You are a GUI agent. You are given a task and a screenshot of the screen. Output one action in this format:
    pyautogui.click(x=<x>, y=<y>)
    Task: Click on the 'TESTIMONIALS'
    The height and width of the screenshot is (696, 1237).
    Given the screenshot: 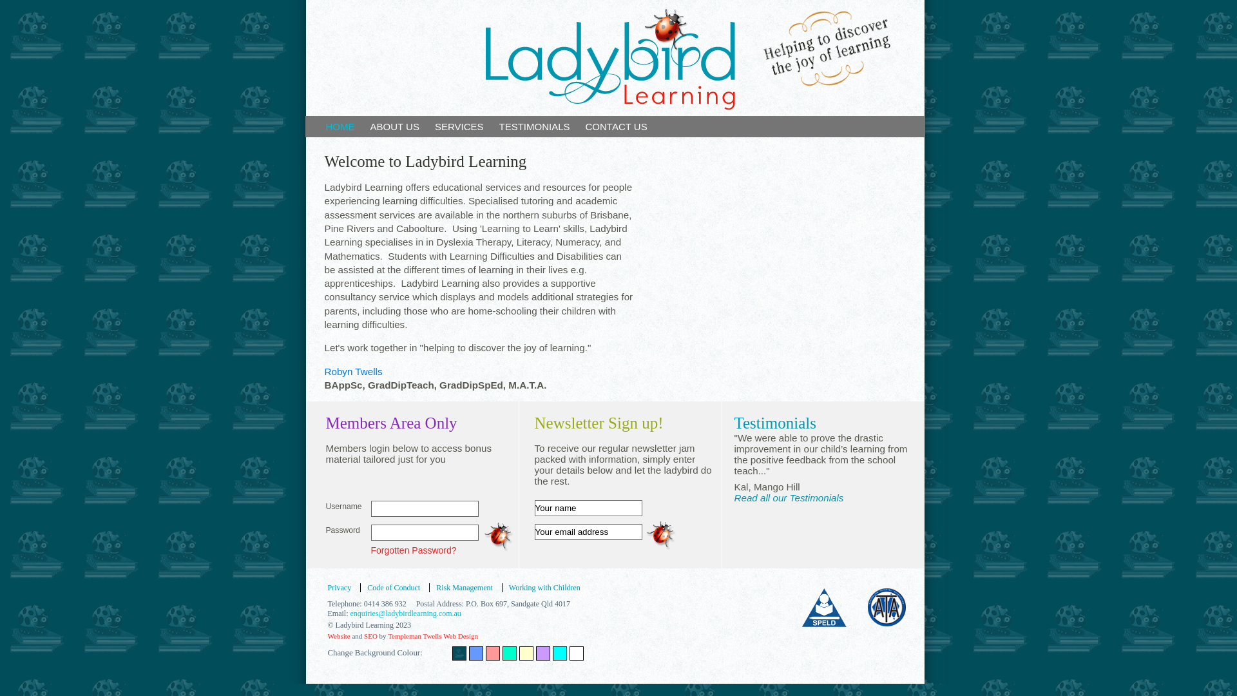 What is the action you would take?
    pyautogui.click(x=534, y=126)
    